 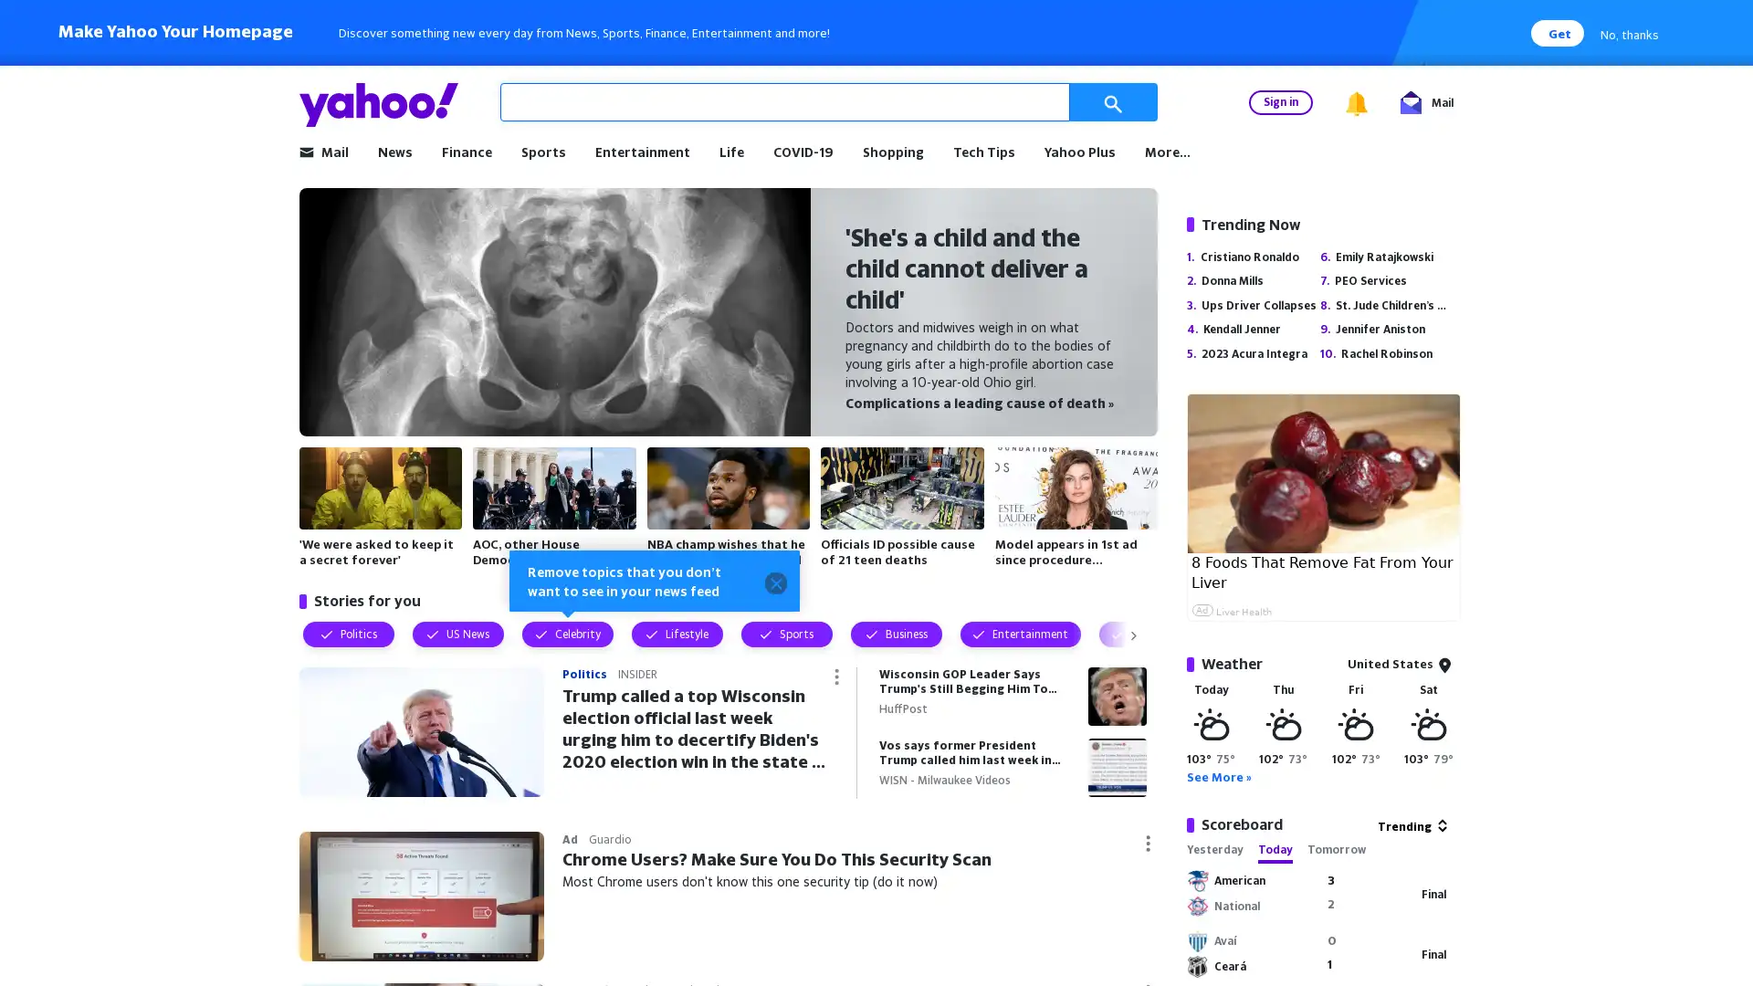 What do you see at coordinates (1214, 853) in the screenshot?
I see `Yesterday` at bounding box center [1214, 853].